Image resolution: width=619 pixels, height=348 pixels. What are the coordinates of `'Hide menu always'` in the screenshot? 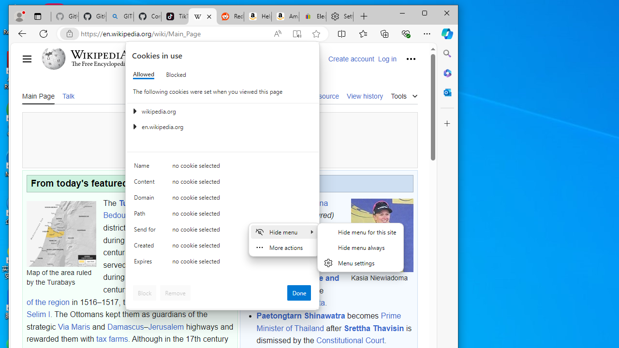 It's located at (360, 246).